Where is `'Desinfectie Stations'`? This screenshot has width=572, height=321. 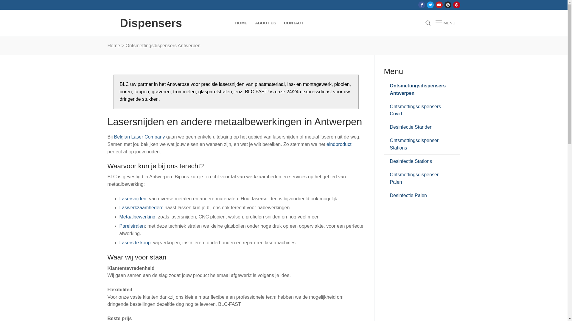
'Desinfectie Stations' is located at coordinates (419, 161).